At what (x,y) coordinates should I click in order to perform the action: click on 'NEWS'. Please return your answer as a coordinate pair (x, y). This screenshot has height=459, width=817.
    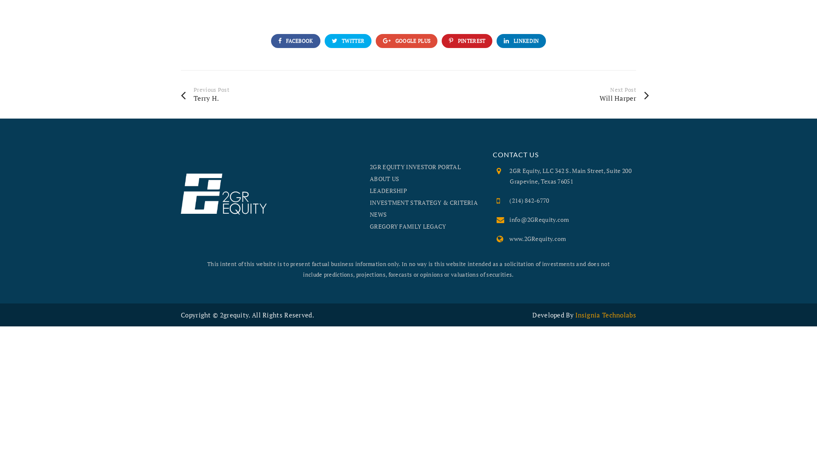
    Looking at the image, I should click on (377, 214).